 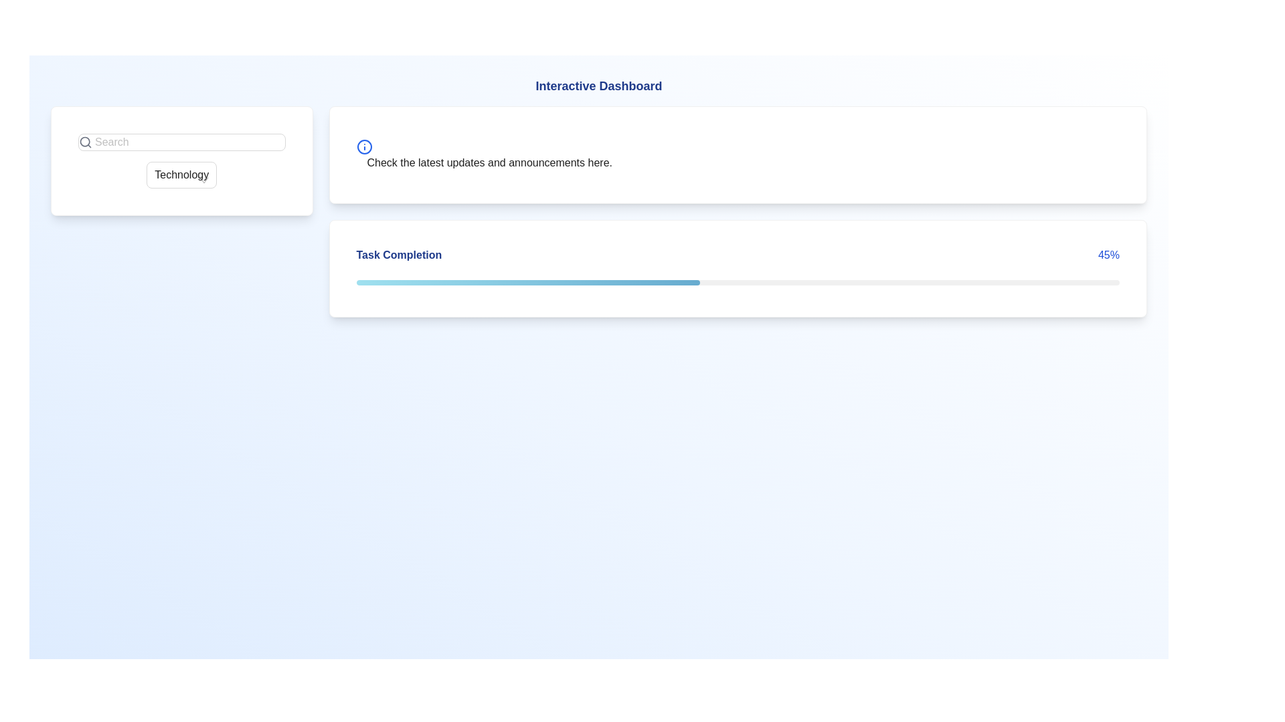 I want to click on the decorative search icon located at the left side of the search input field, which reinforces the search functionality for users, so click(x=85, y=142).